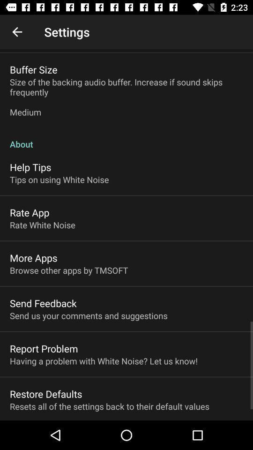 This screenshot has height=450, width=253. Describe the element at coordinates (17, 32) in the screenshot. I see `icon to the left of settings` at that location.